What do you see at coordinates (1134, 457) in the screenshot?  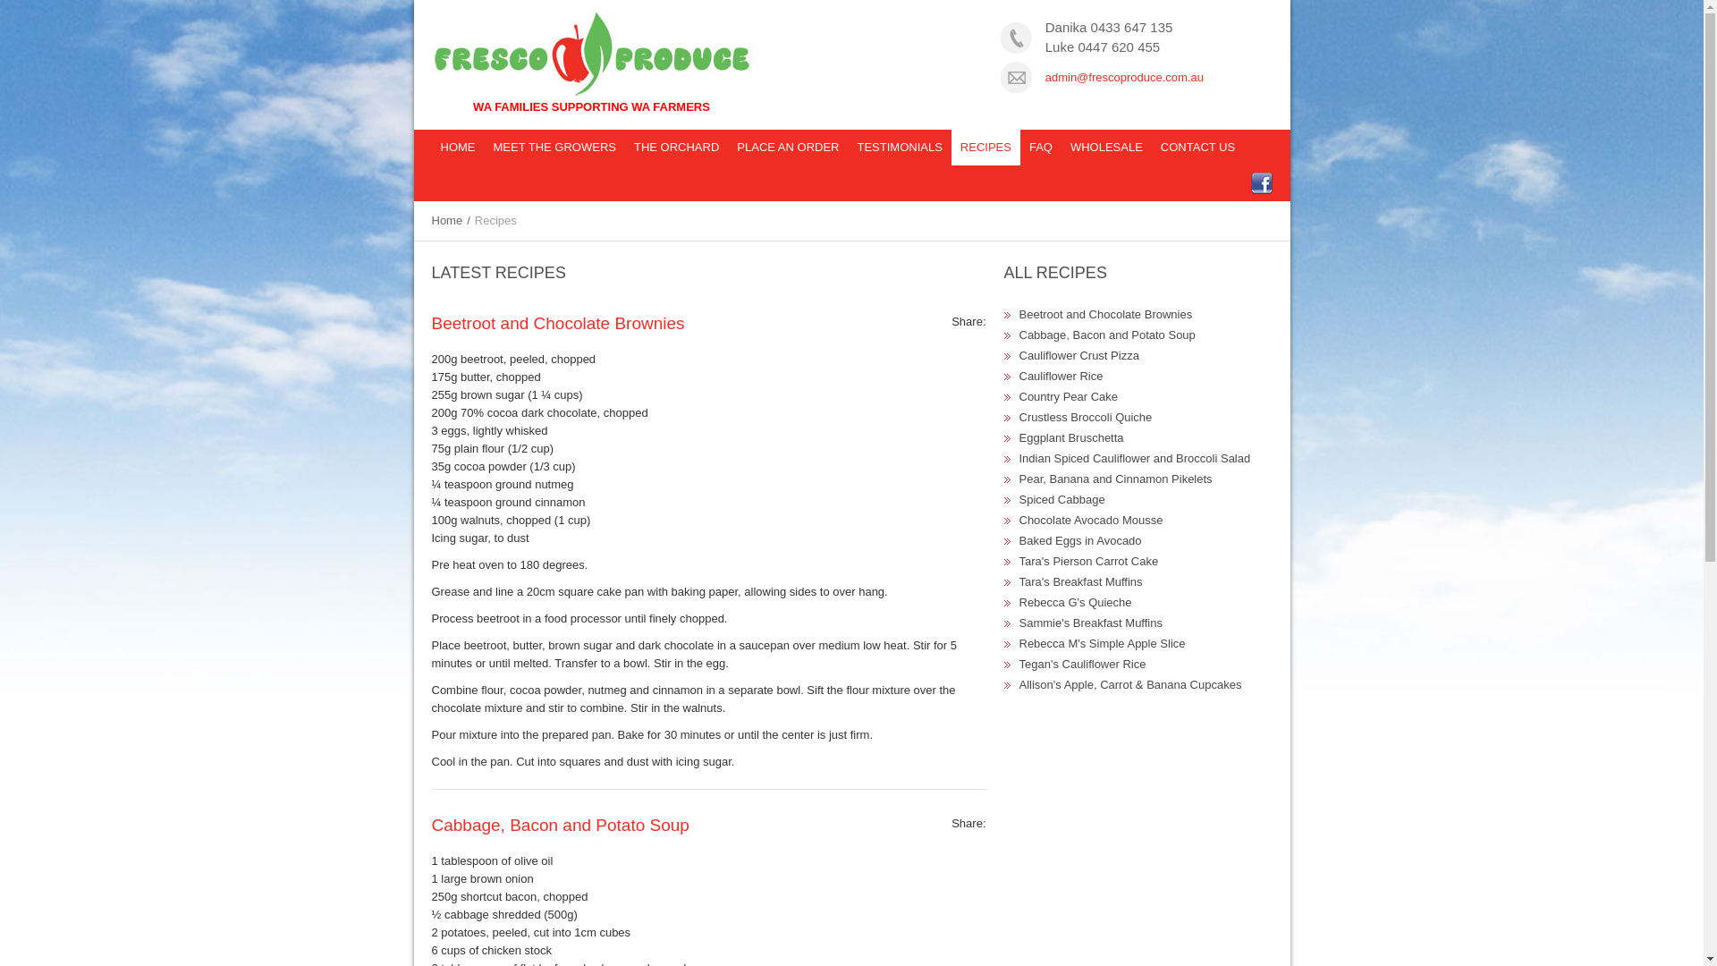 I see `'Indian Spiced Cauliflower and Broccoli Salad'` at bounding box center [1134, 457].